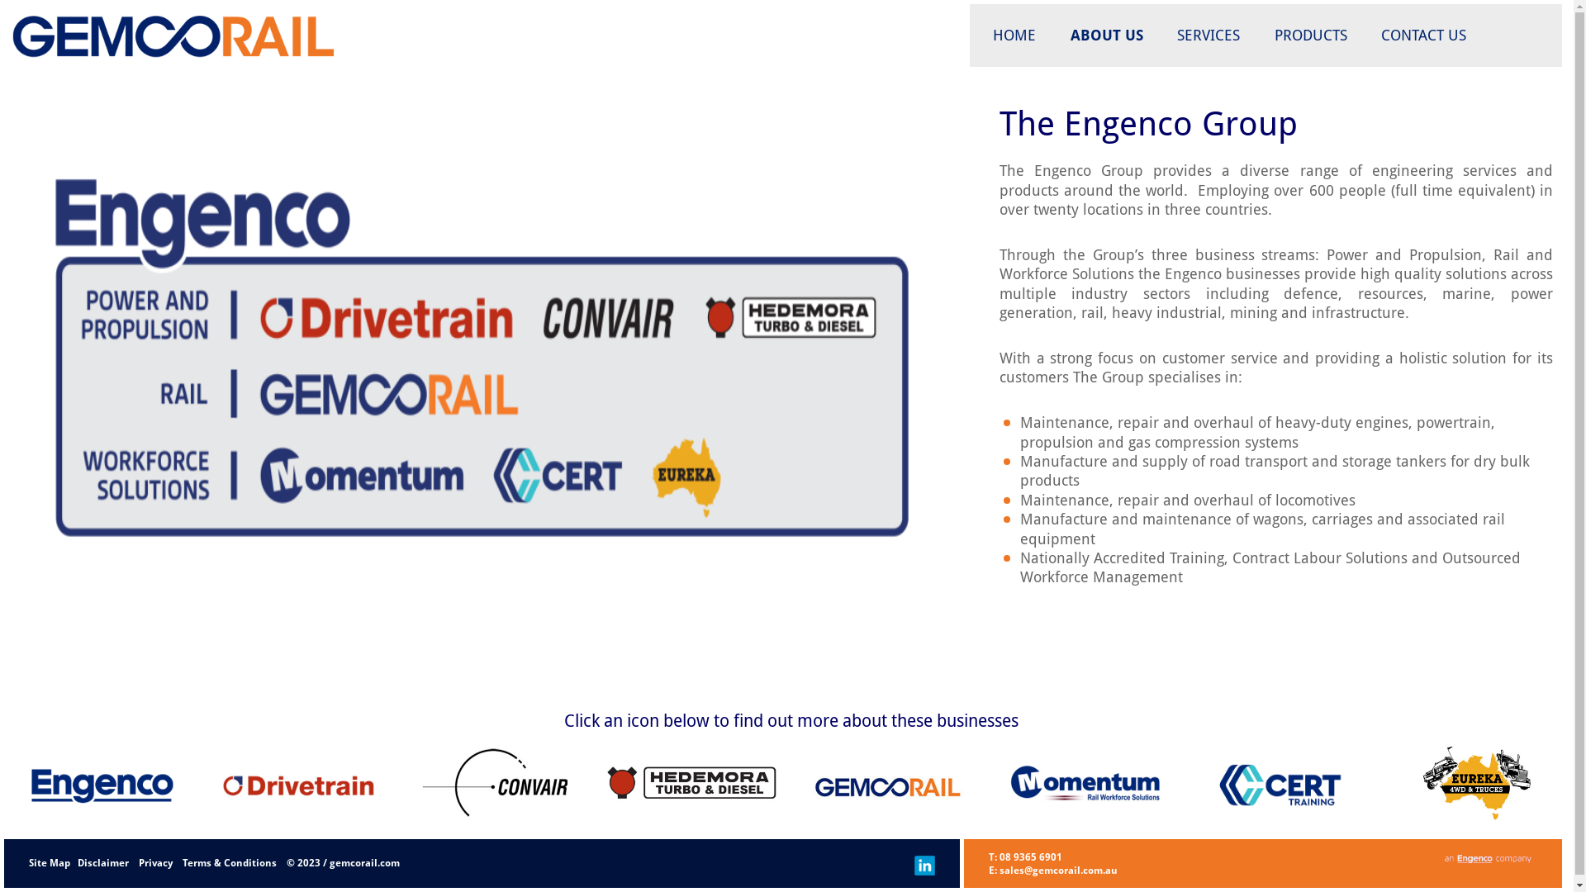 This screenshot has width=1586, height=892. Describe the element at coordinates (1309, 35) in the screenshot. I see `'PRODUCTS'` at that location.